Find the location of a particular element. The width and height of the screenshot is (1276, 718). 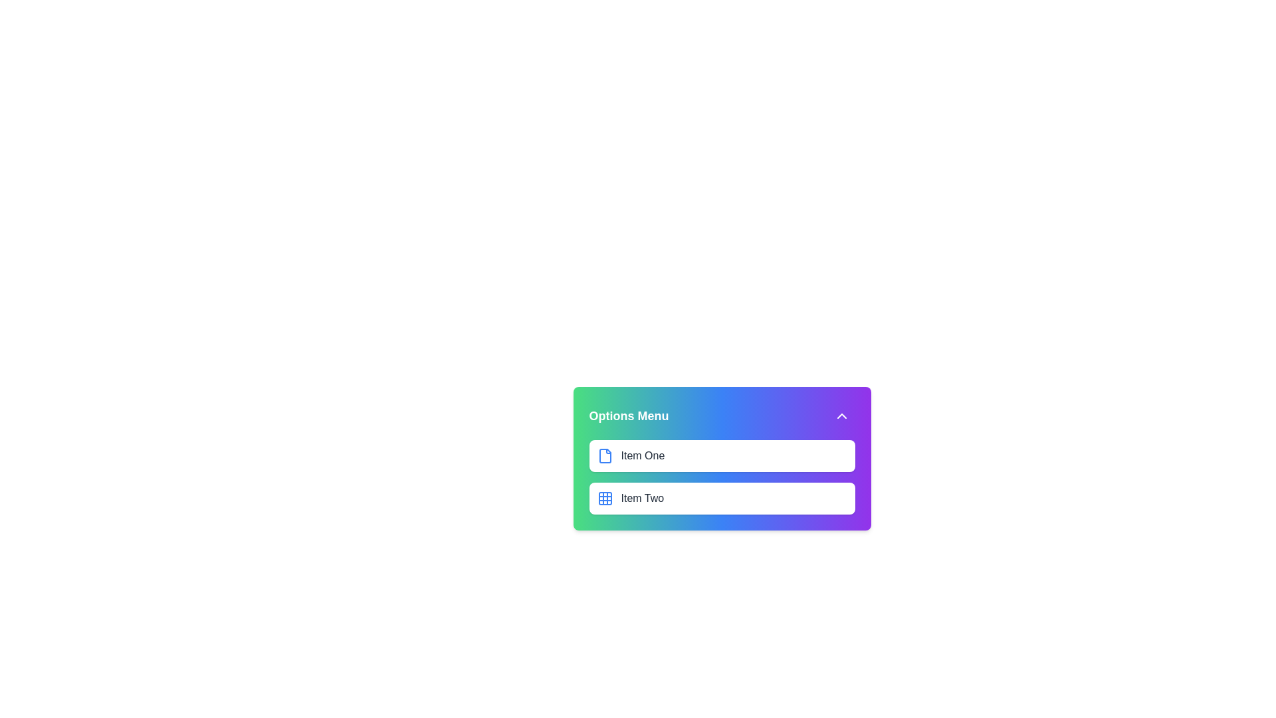

the chevron-up icon located in the upper-right corner of the menu card is located at coordinates (841, 415).